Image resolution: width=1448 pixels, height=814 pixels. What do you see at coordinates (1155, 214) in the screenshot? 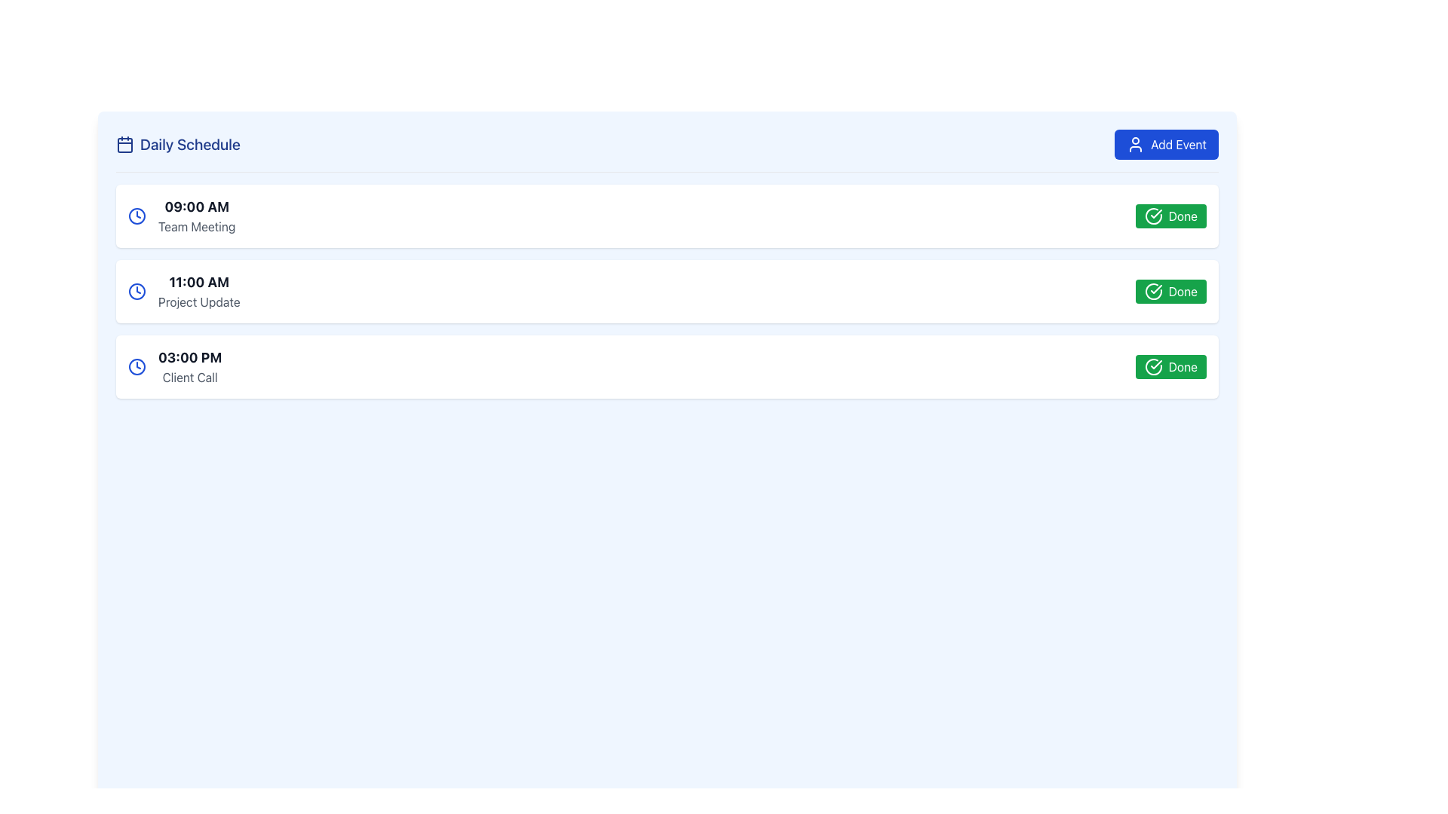
I see `the small green checkmark icon within the green circular border on the 'Done' button for the first scheduled event` at bounding box center [1155, 214].